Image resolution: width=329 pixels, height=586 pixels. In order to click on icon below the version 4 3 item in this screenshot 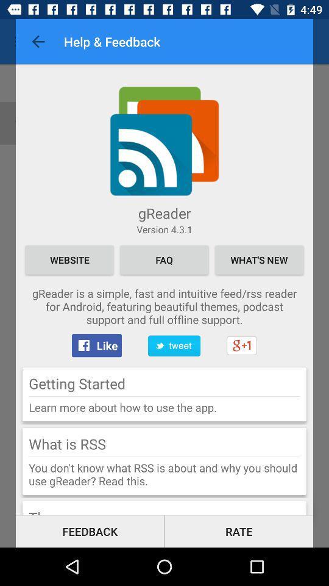, I will do `click(69, 259)`.